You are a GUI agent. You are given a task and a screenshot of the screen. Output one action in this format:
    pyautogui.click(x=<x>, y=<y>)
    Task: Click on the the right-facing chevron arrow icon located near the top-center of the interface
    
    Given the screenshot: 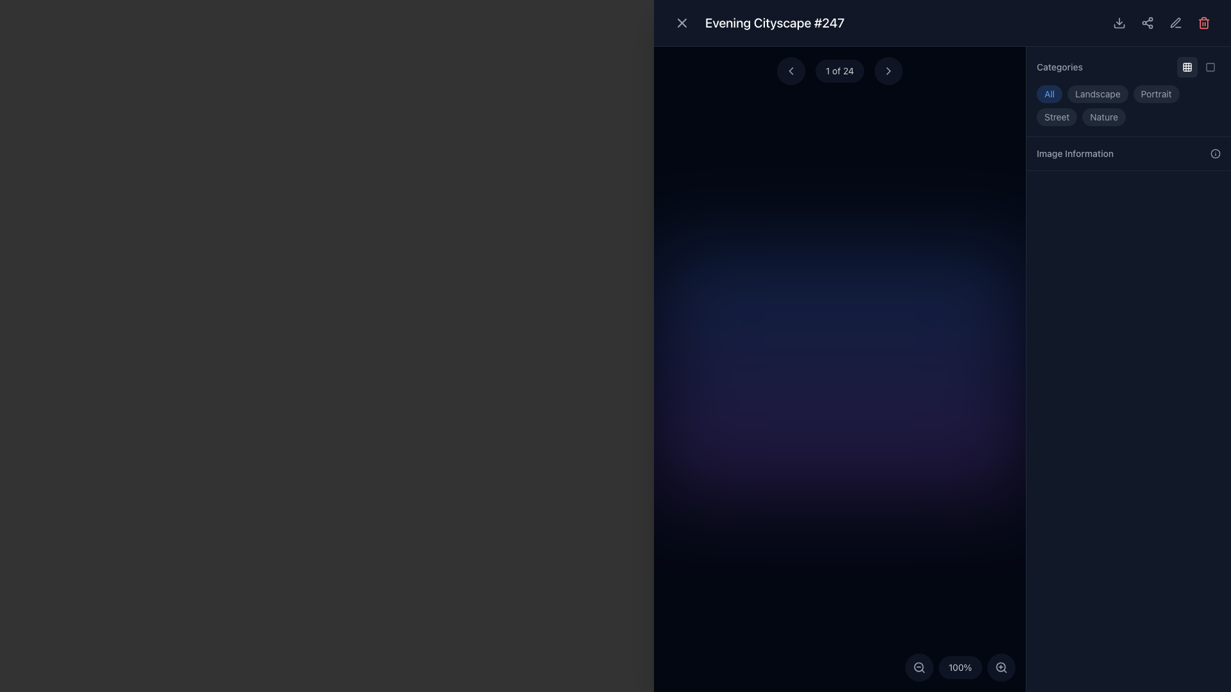 What is the action you would take?
    pyautogui.click(x=887, y=71)
    